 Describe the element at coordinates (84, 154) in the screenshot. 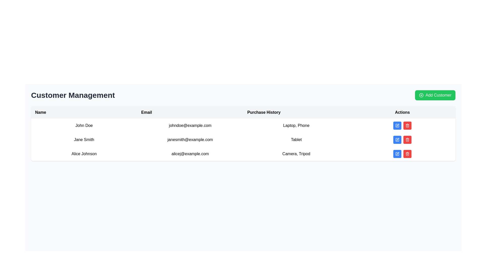

I see `the customer name displayed in the first column of the third row in the 'Customer Management' table to focus on the row` at that location.